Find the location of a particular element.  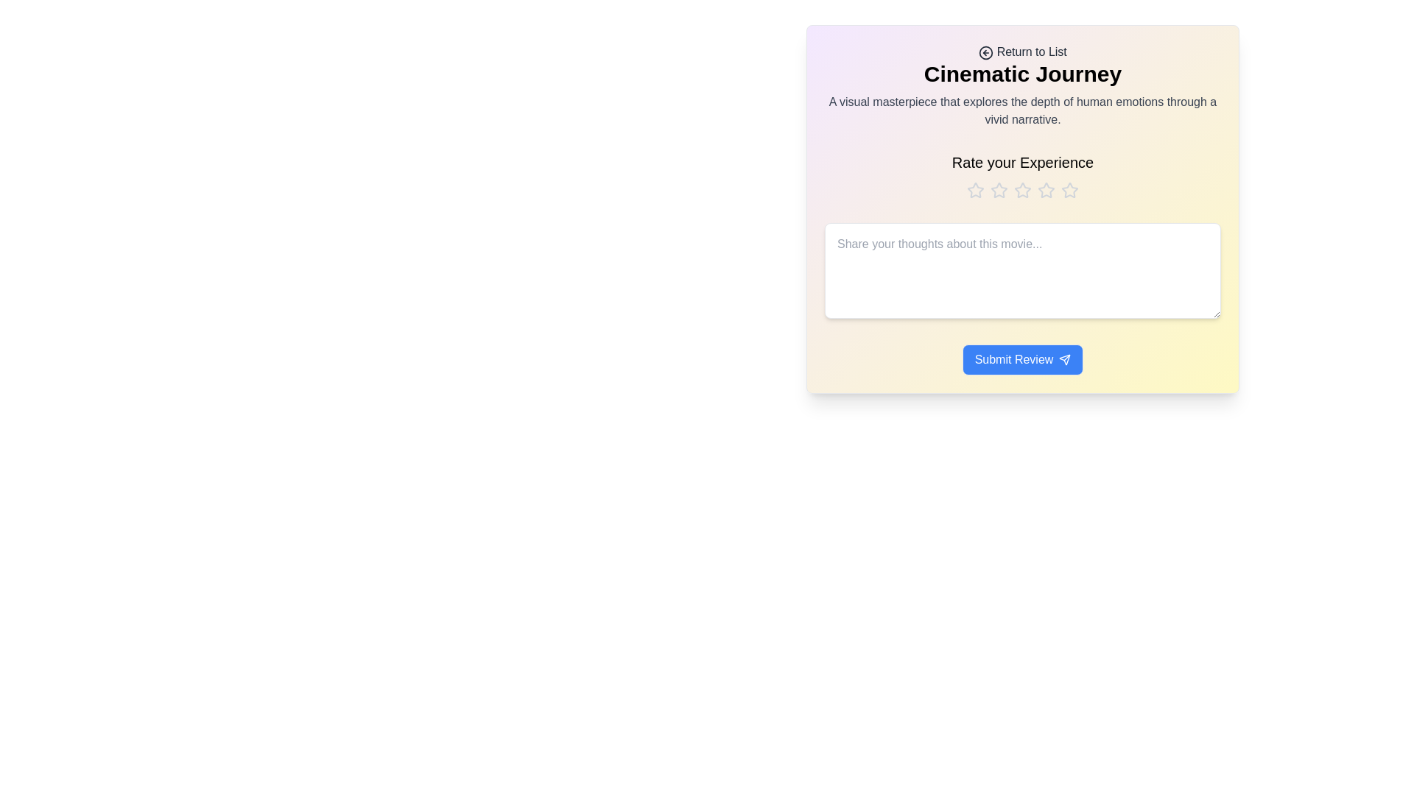

the Icon Button representing a 2-star rating in a 5-star rating system is located at coordinates (999, 189).